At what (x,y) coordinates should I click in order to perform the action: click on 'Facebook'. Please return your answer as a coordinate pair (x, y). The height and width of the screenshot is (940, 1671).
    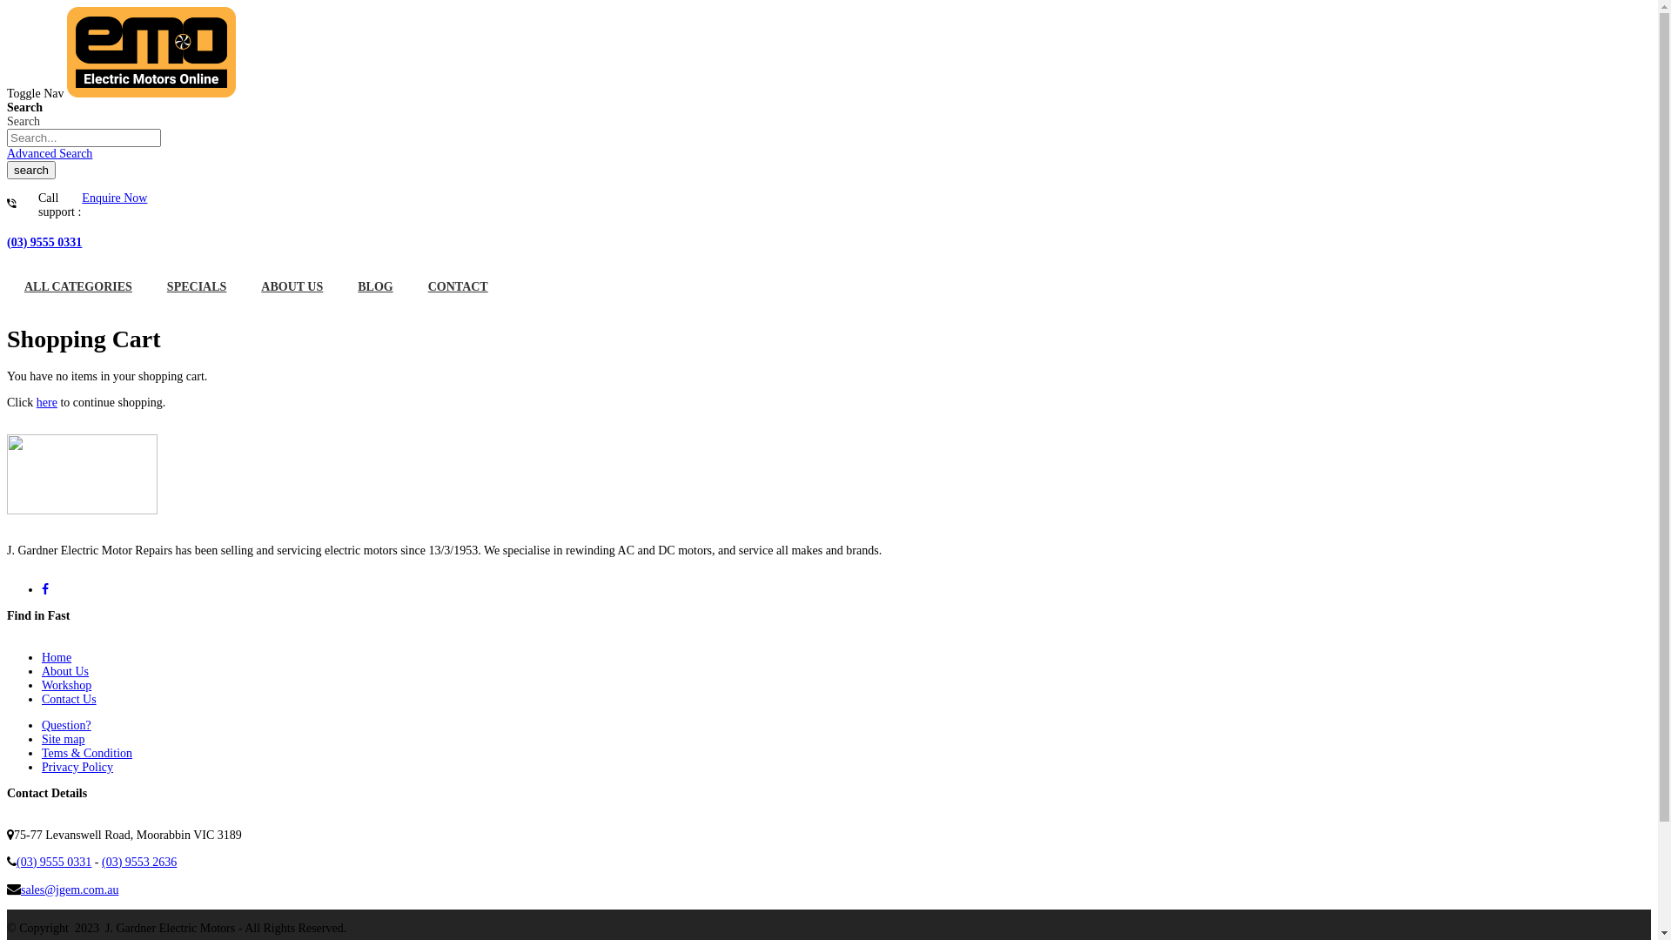
    Looking at the image, I should click on (45, 588).